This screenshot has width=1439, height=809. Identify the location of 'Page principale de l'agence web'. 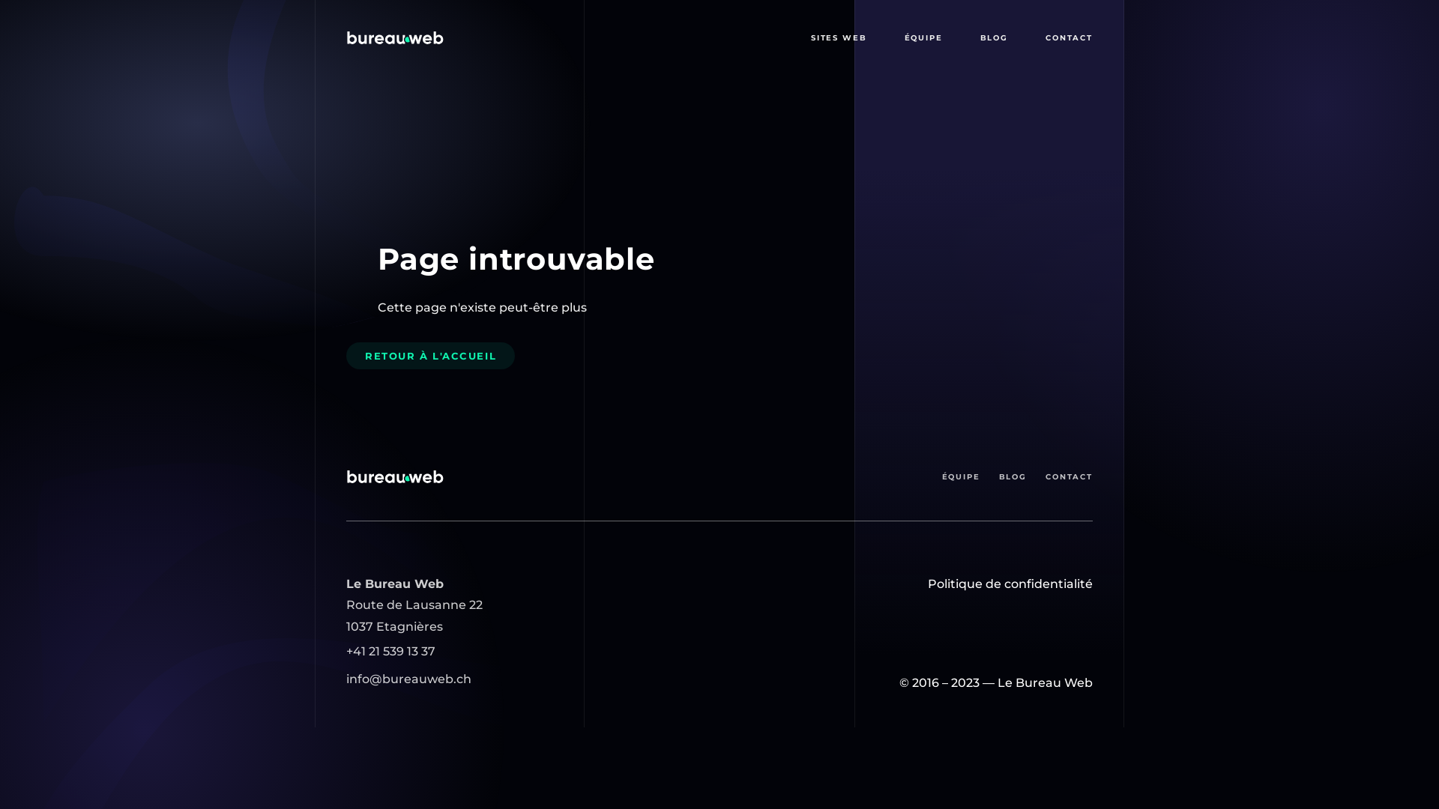
(395, 37).